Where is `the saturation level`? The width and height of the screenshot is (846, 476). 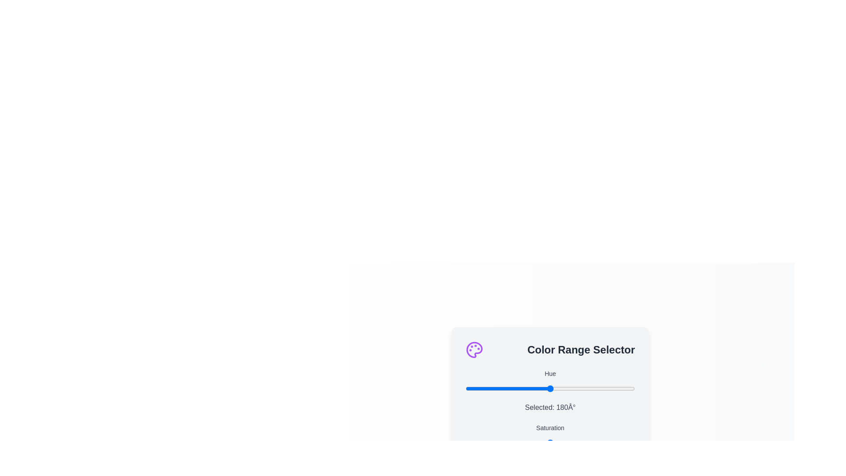
the saturation level is located at coordinates (515, 443).